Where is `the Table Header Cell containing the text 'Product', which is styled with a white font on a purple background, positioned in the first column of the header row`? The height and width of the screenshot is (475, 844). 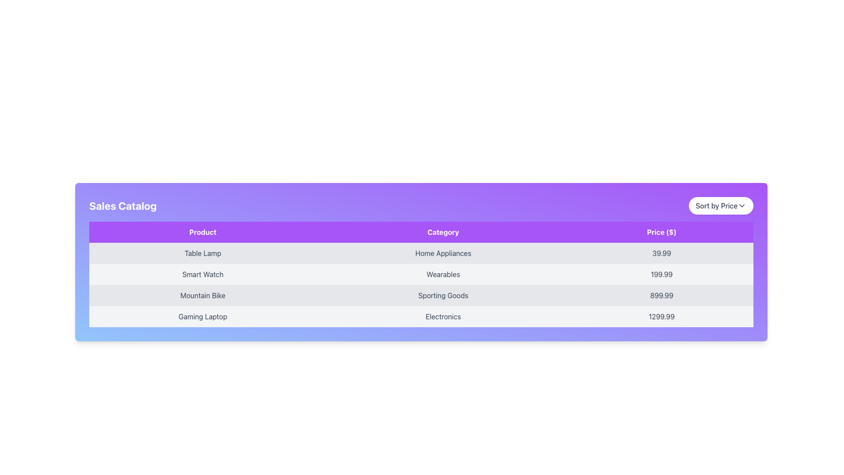 the Table Header Cell containing the text 'Product', which is styled with a white font on a purple background, positioned in the first column of the header row is located at coordinates (202, 232).